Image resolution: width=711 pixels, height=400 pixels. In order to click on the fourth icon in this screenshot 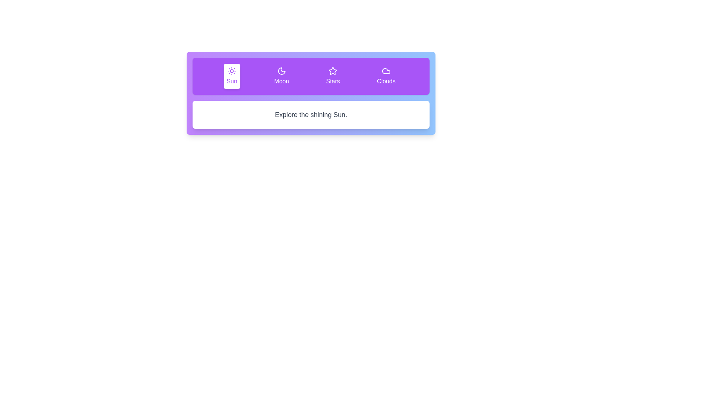, I will do `click(385, 71)`.